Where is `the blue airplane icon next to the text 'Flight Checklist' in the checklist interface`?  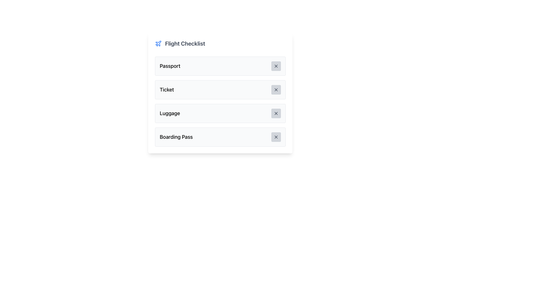 the blue airplane icon next to the text 'Flight Checklist' in the checklist interface is located at coordinates (158, 43).